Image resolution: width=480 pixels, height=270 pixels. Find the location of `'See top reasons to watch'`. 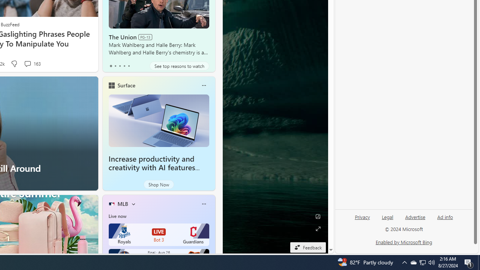

'See top reasons to watch' is located at coordinates (179, 66).